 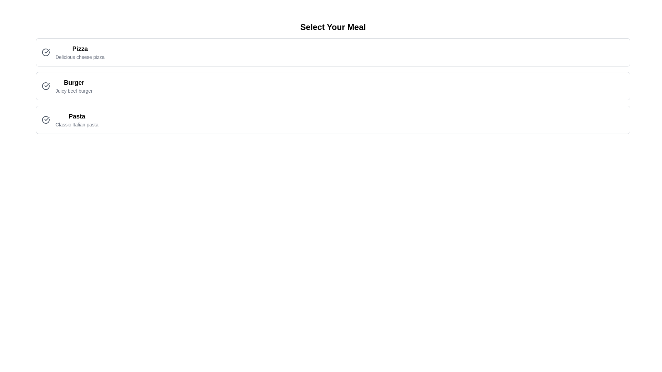 I want to click on the visual indicator icon representing the selection state of the 'Pizza' item in the menu, located above the 'Burger' and 'Pasta' items, so click(x=47, y=51).